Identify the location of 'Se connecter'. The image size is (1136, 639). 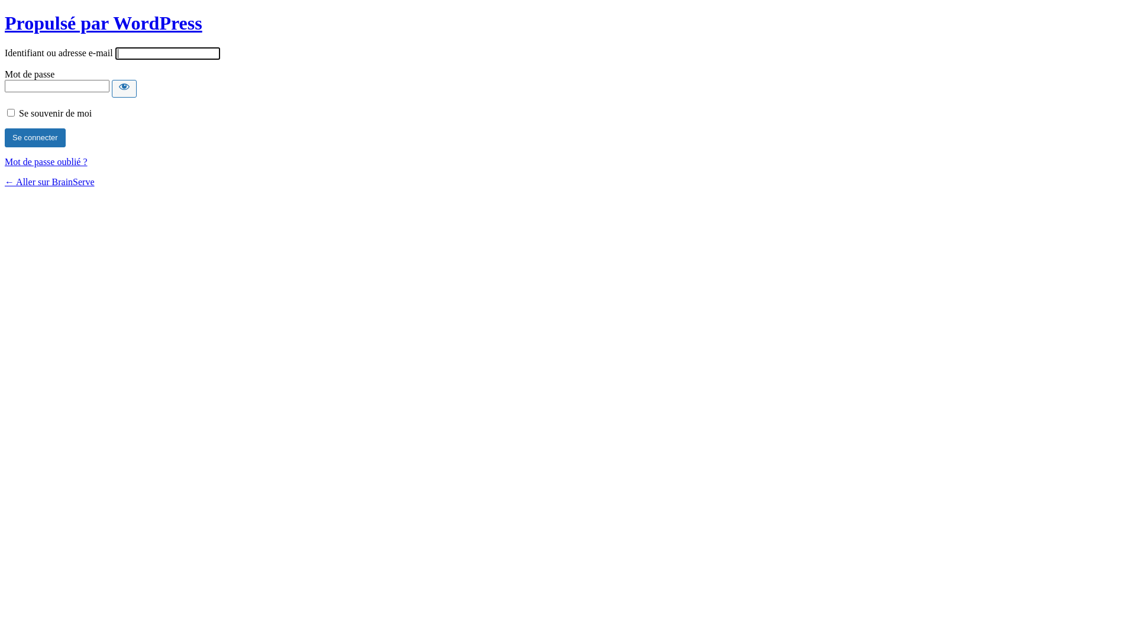
(5, 137).